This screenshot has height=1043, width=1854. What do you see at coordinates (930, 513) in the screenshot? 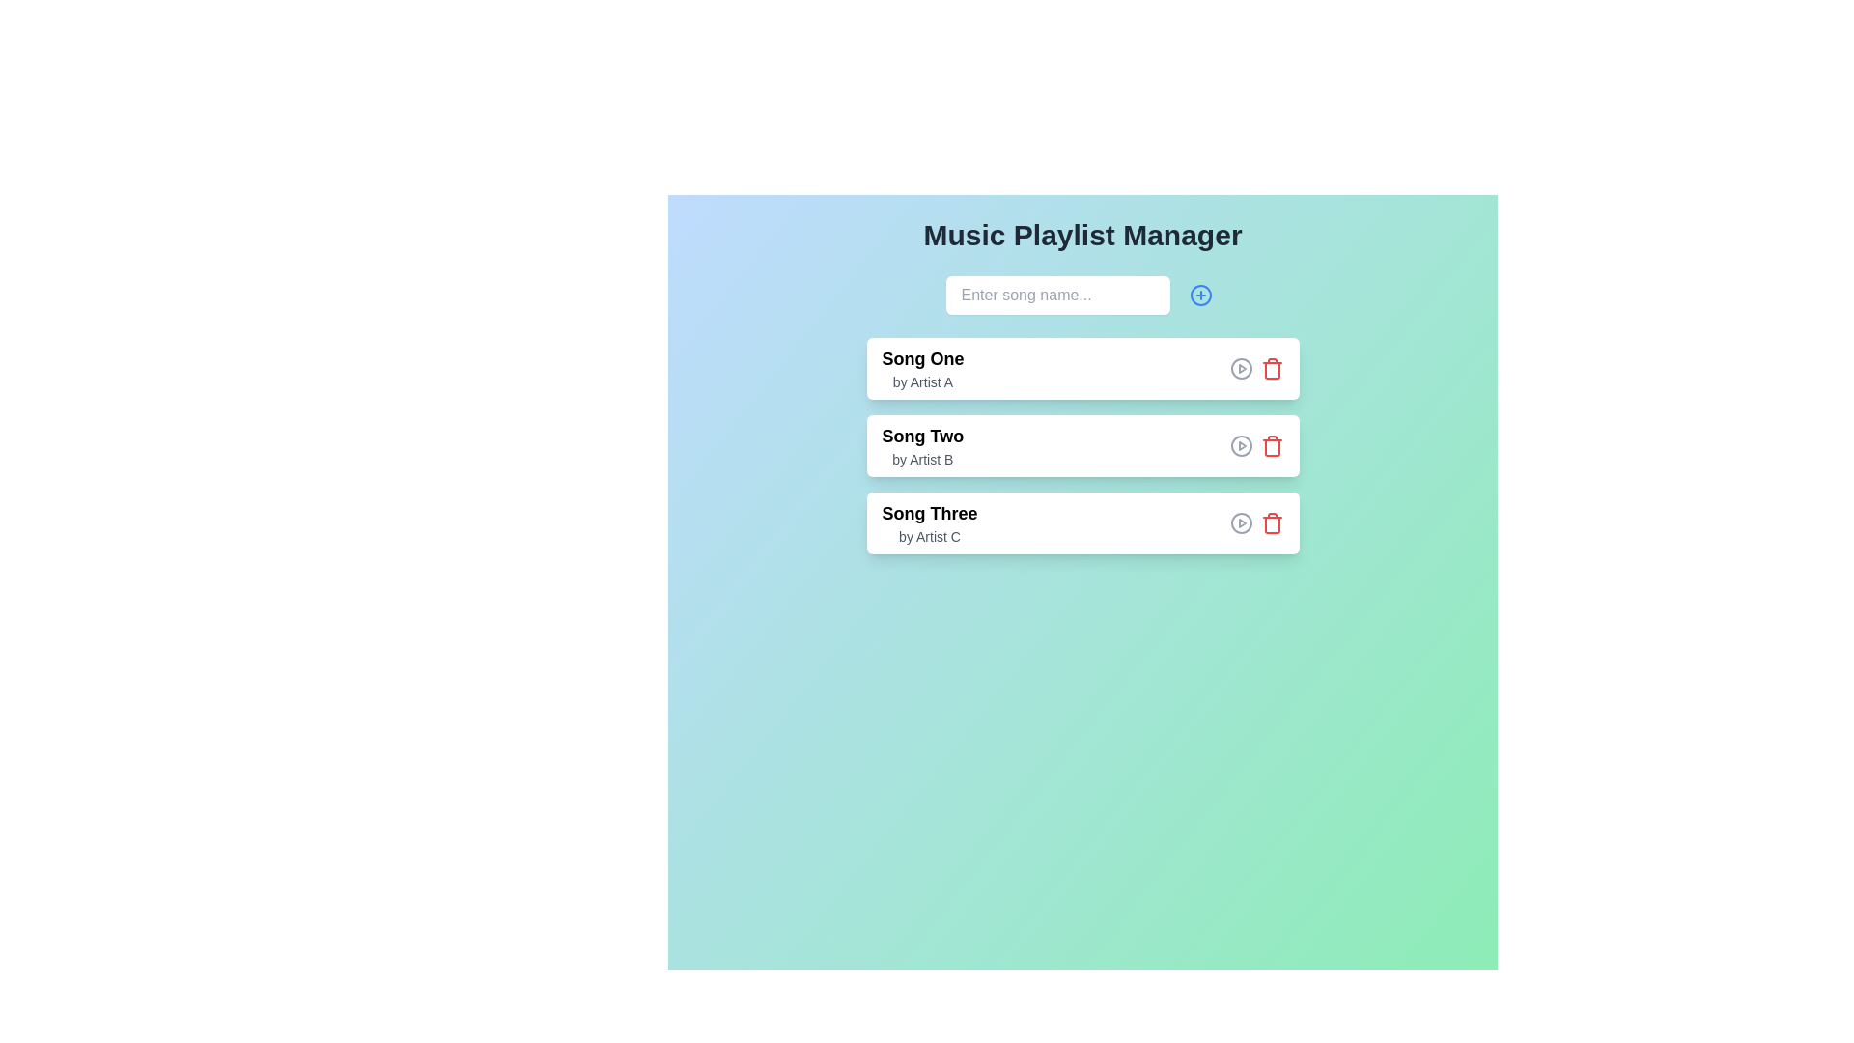
I see `the title text label of the third song in the playlist, which is located above the descriptive text 'by Artist C'` at bounding box center [930, 513].